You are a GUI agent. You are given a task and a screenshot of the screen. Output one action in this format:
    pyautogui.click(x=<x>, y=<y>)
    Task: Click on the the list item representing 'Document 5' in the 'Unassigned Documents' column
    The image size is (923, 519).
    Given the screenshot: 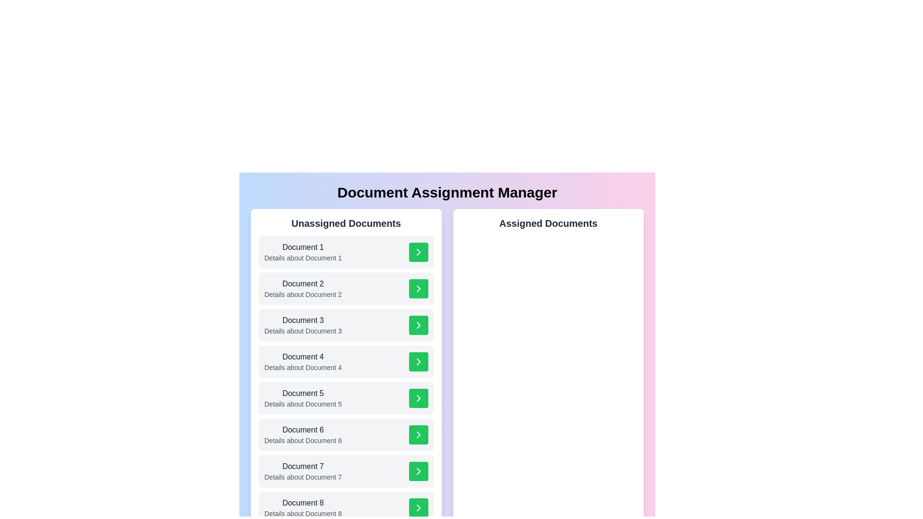 What is the action you would take?
    pyautogui.click(x=346, y=398)
    